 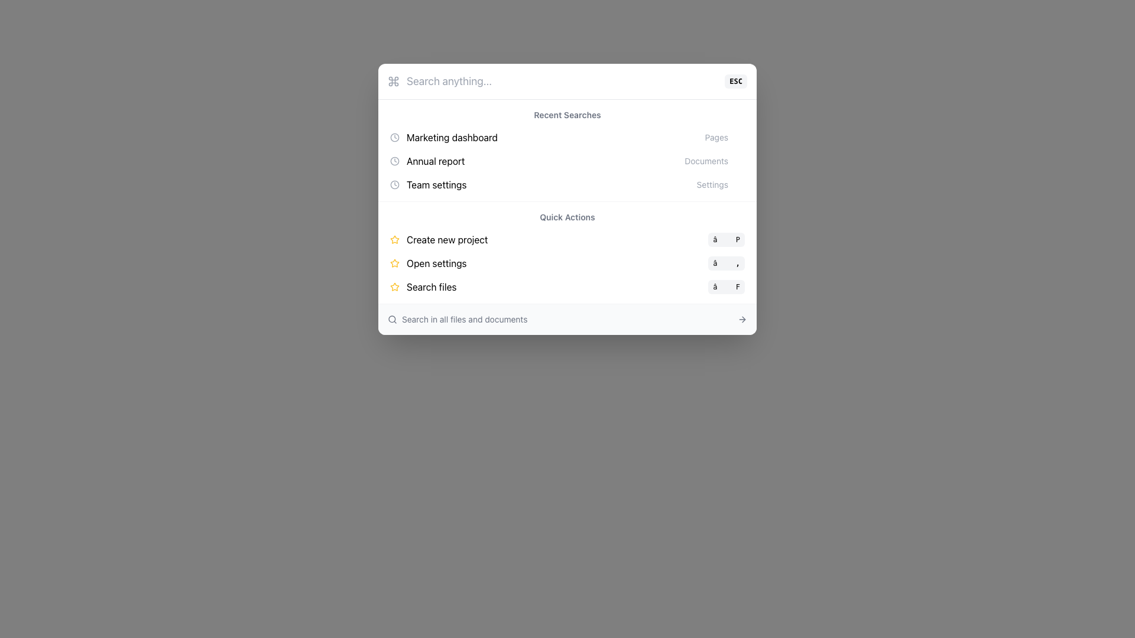 I want to click on the interactive menu item in the 'Quick Actions' section that allows access to 'Open settings', so click(x=567, y=263).